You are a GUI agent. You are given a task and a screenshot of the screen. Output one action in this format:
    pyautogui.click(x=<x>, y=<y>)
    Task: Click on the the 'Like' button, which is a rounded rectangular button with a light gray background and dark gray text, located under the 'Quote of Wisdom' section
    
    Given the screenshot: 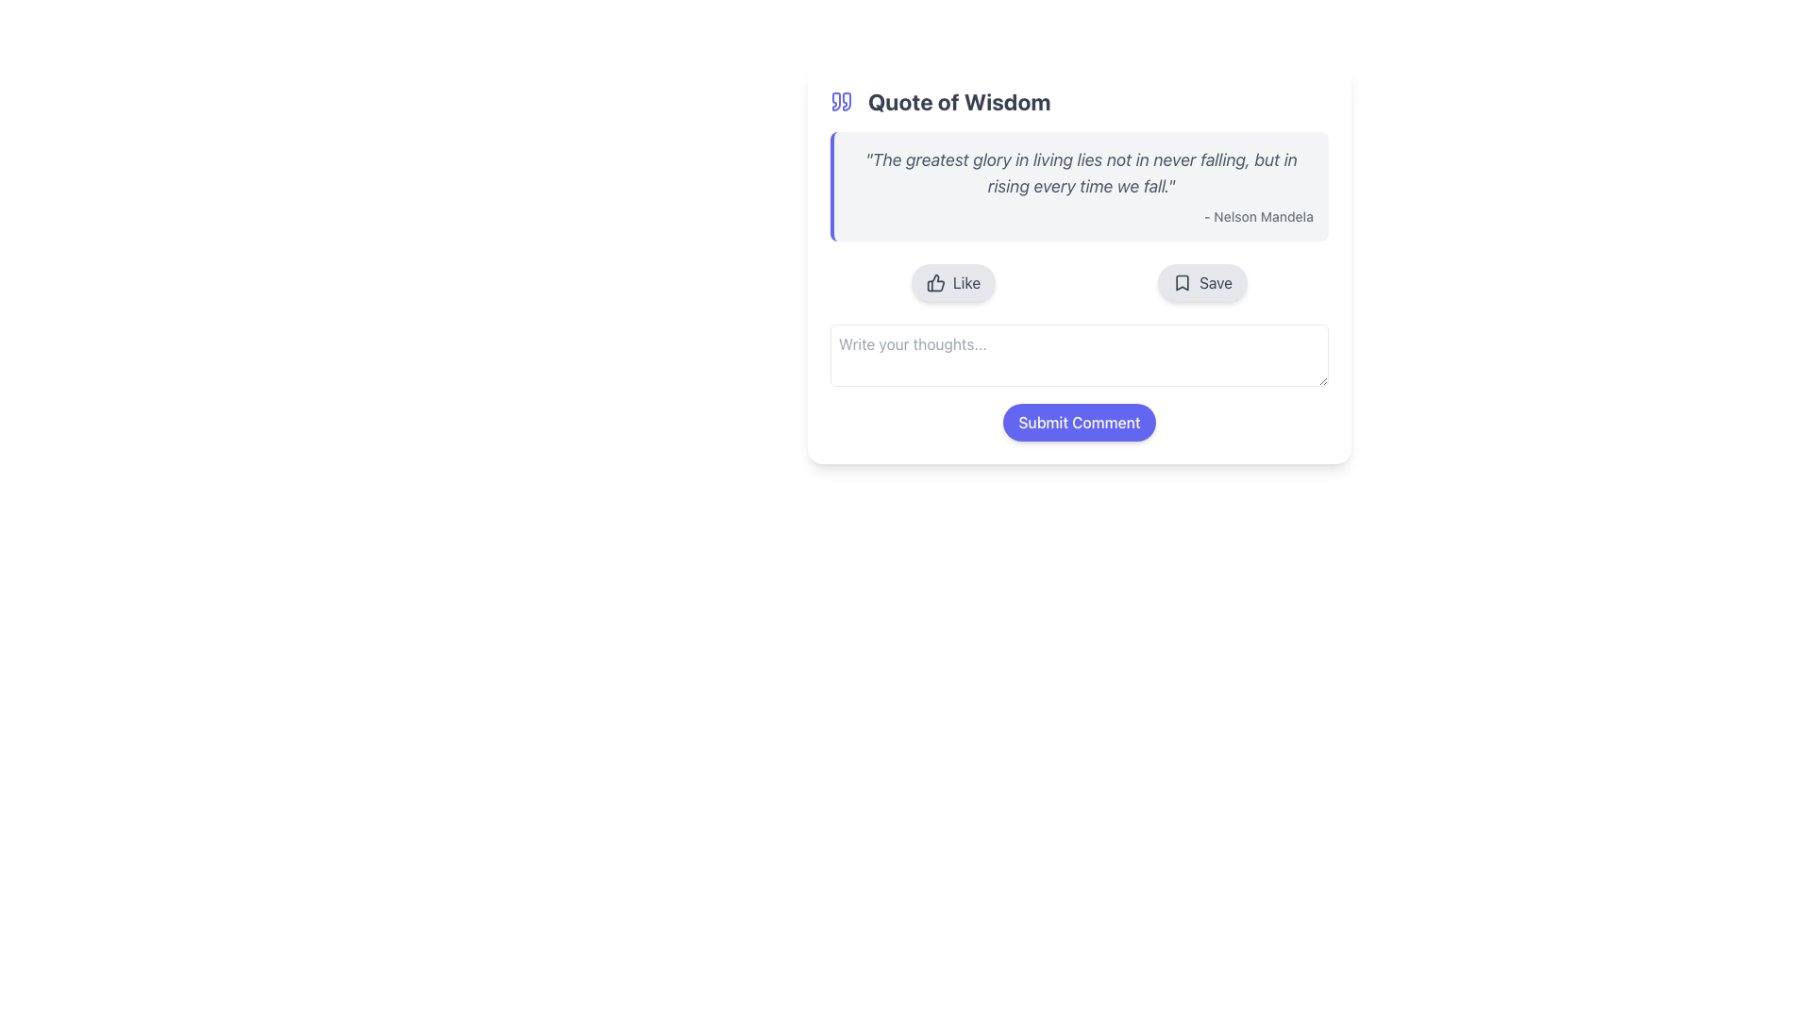 What is the action you would take?
    pyautogui.click(x=953, y=283)
    